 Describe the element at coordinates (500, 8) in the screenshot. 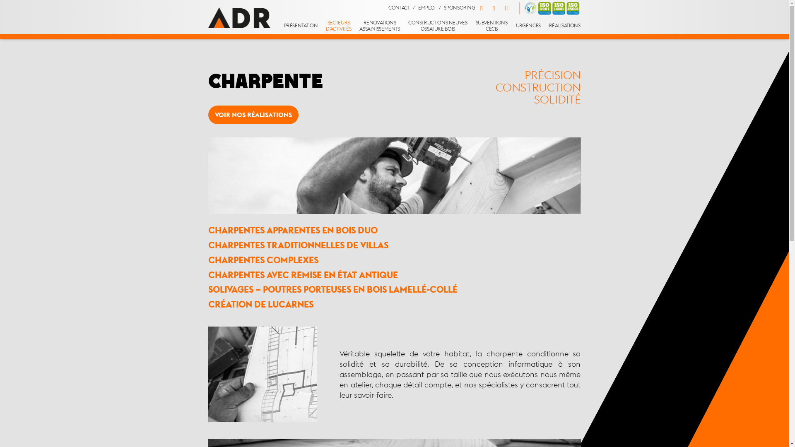

I see `'Instagram'` at that location.